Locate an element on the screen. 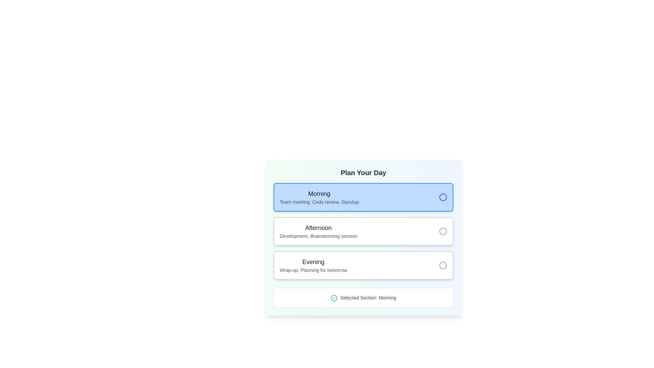  the 'Afternoon' button, which has a white background and gray border is located at coordinates (363, 231).